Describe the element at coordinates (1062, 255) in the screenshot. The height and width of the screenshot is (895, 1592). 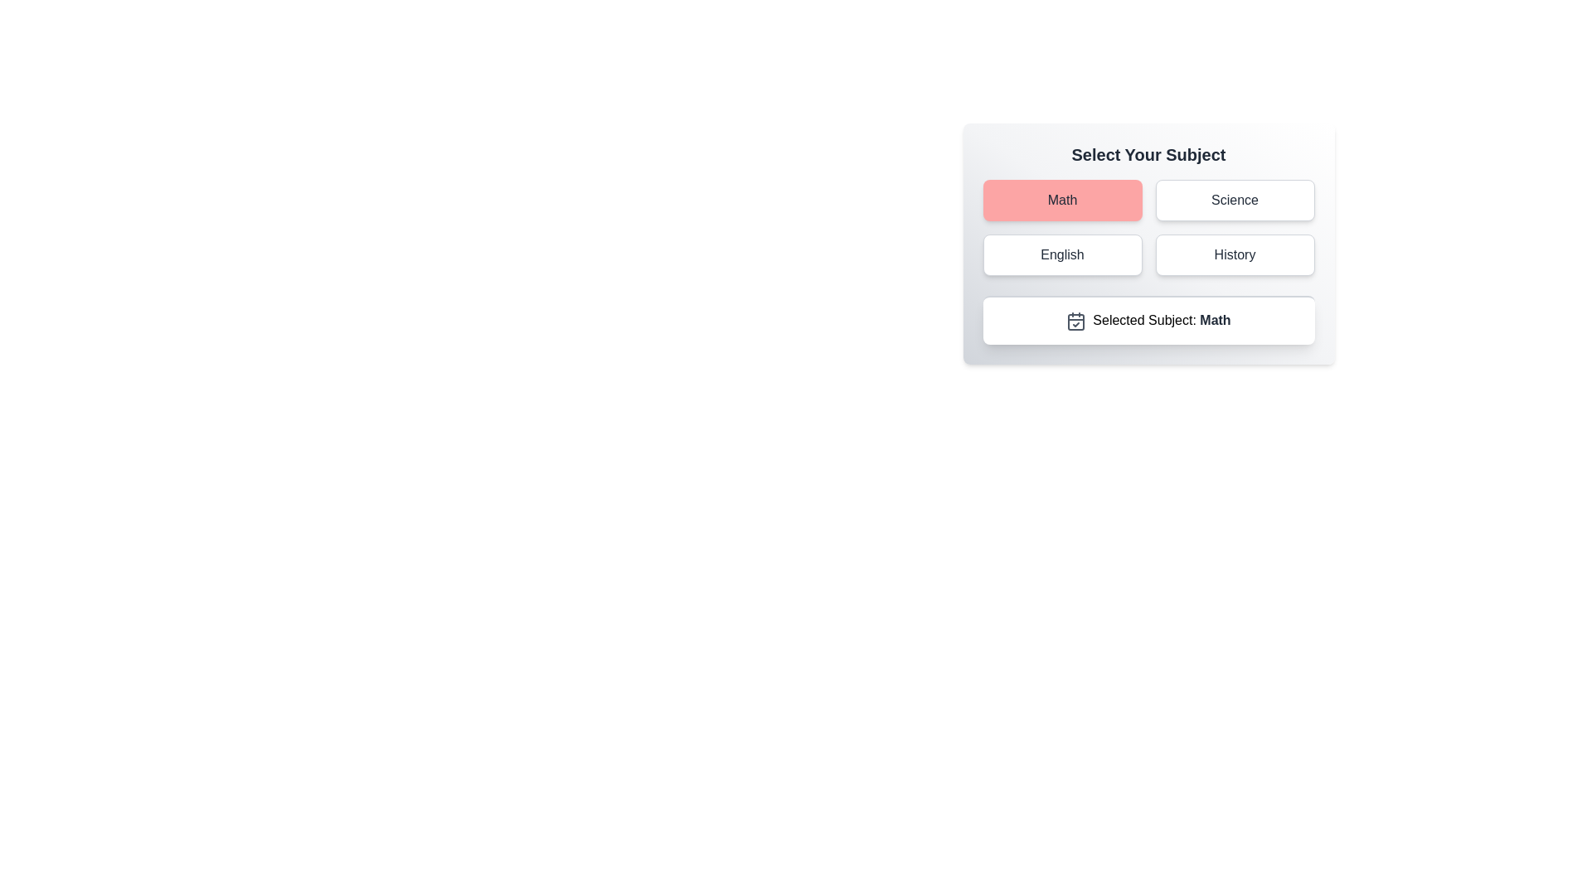
I see `the rectangular white button labeled 'English' that is located under the 'Math' button and to the left of the 'History' button` at that location.